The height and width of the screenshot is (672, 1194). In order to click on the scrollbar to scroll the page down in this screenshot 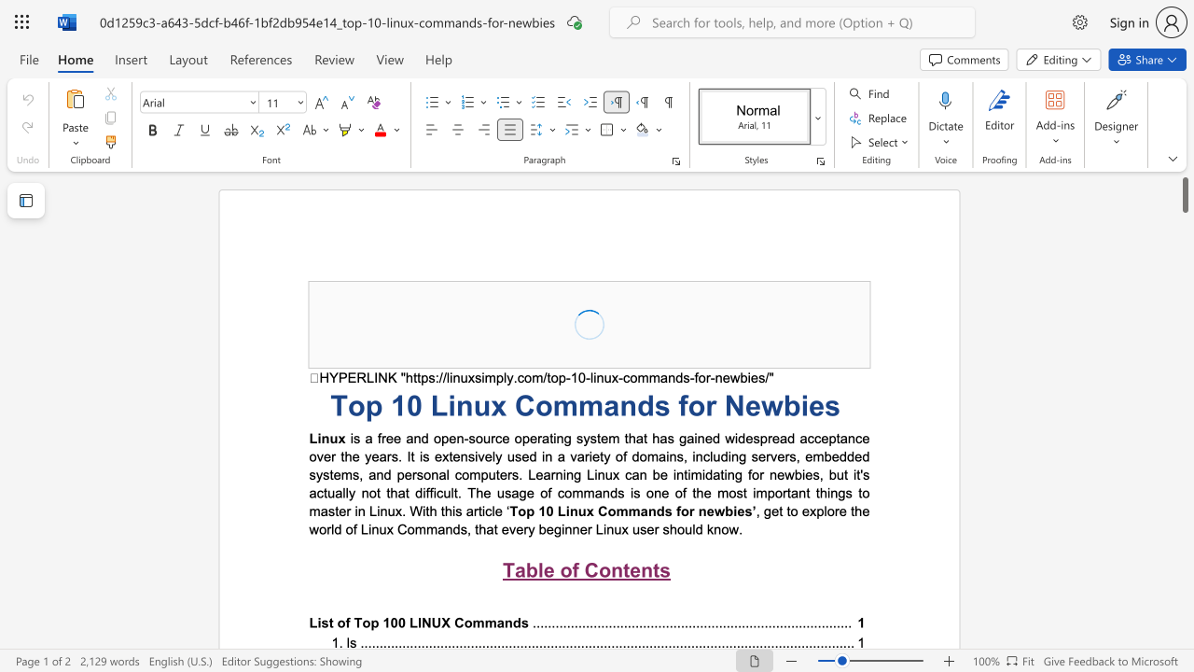, I will do `click(1184, 271)`.